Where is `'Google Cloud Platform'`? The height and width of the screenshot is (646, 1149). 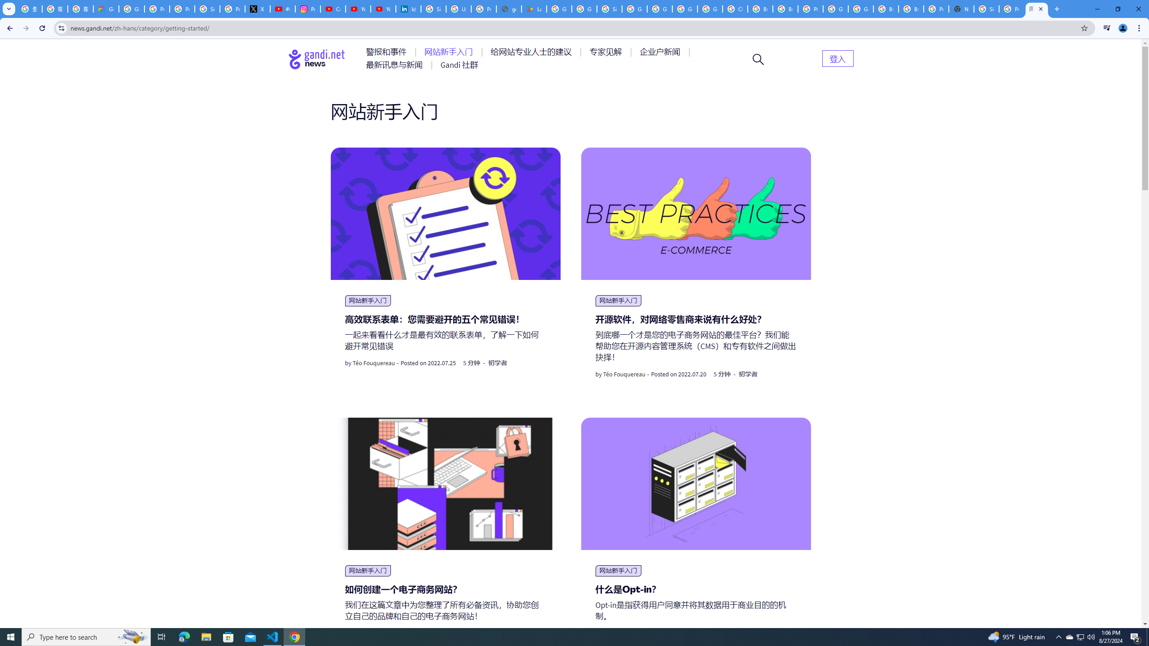 'Google Cloud Platform' is located at coordinates (836, 9).